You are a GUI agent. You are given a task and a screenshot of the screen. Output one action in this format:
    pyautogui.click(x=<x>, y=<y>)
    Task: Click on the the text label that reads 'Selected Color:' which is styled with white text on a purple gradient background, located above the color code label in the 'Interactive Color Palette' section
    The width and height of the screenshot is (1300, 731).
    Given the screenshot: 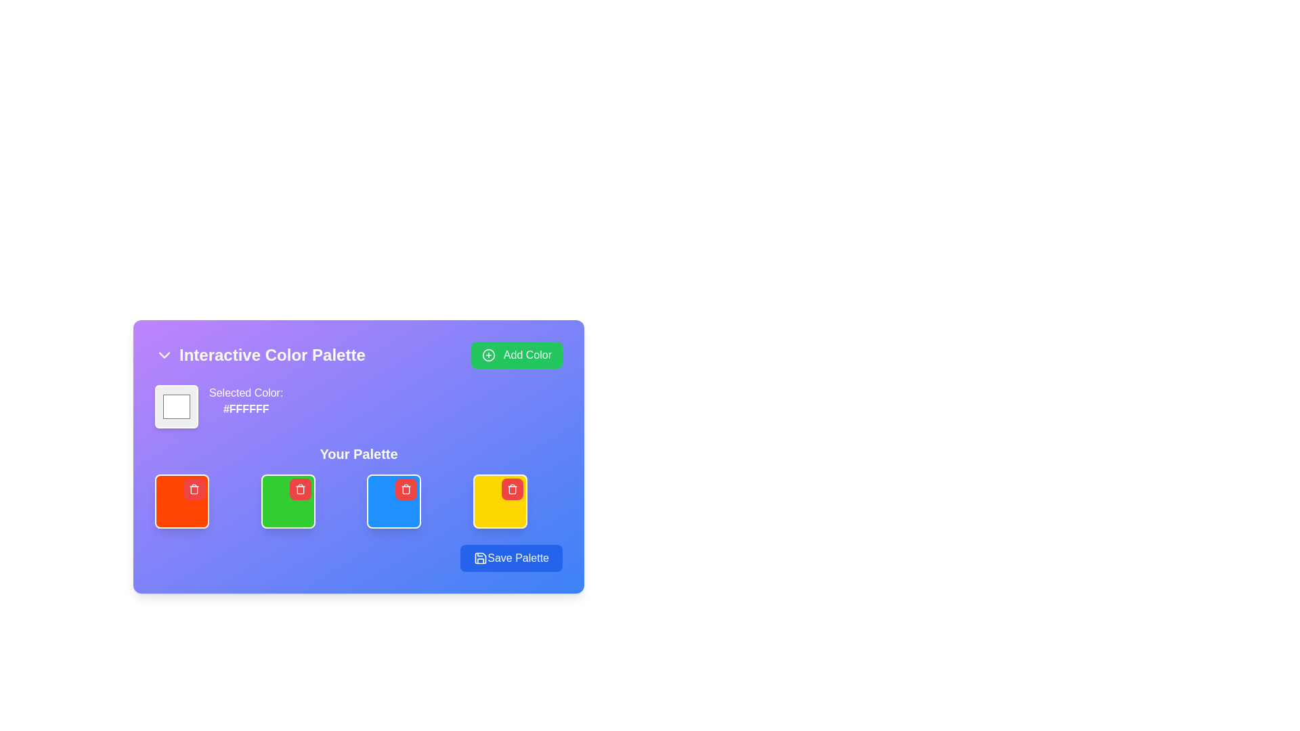 What is the action you would take?
    pyautogui.click(x=246, y=393)
    